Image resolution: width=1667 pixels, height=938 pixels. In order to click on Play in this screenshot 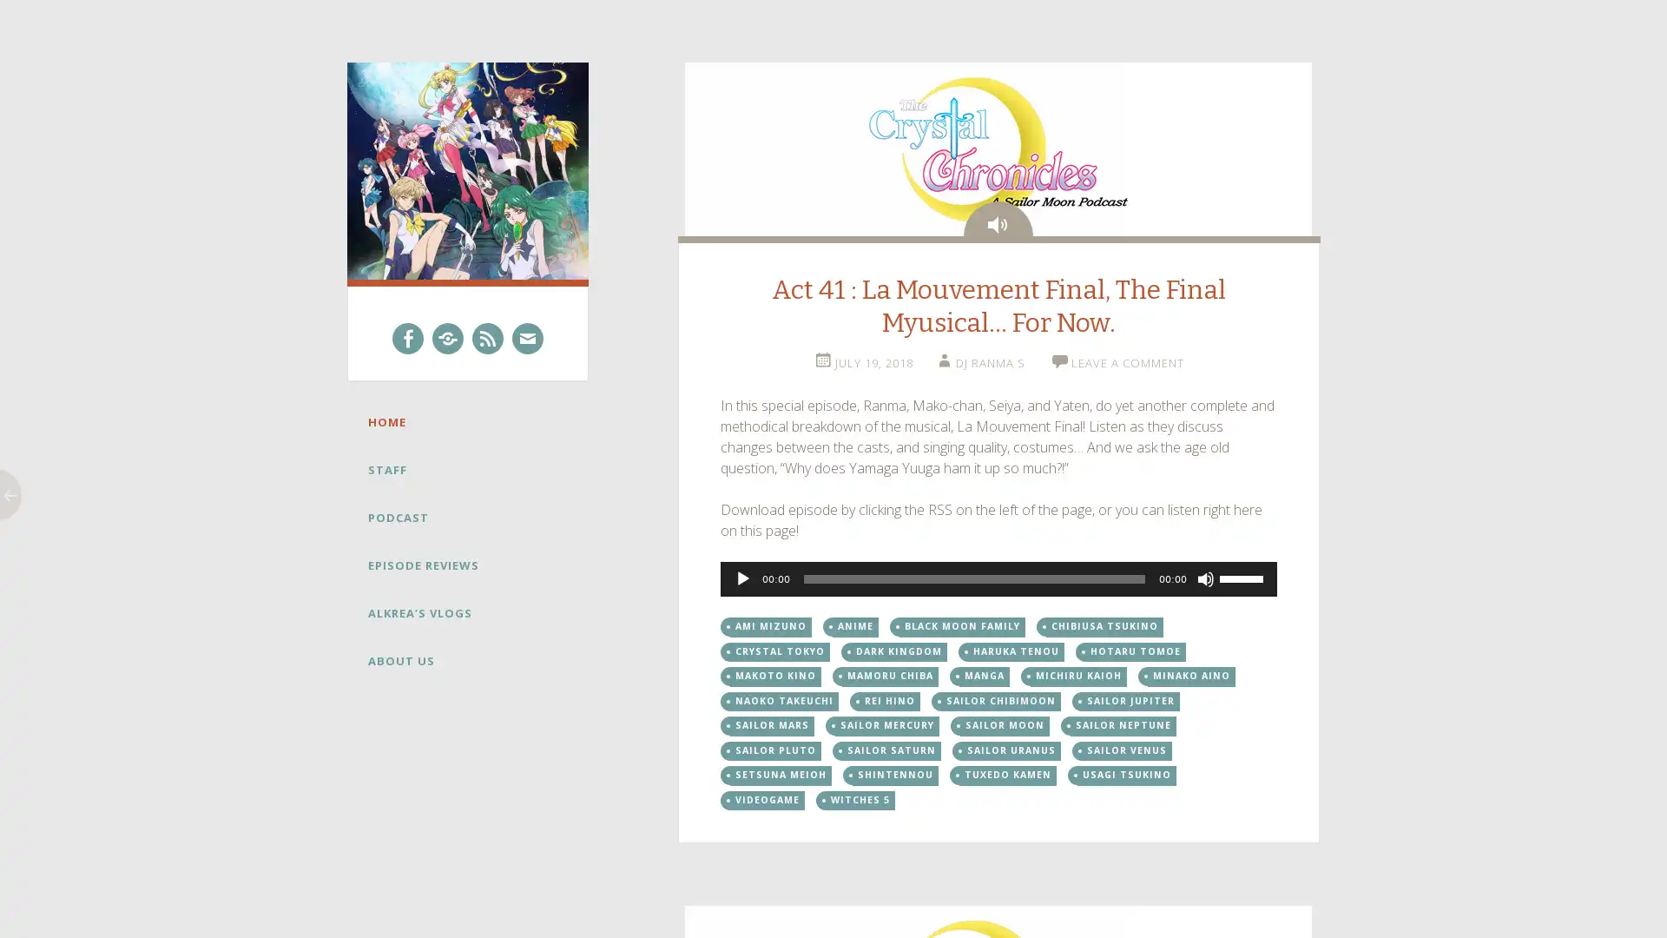, I will do `click(741, 579)`.